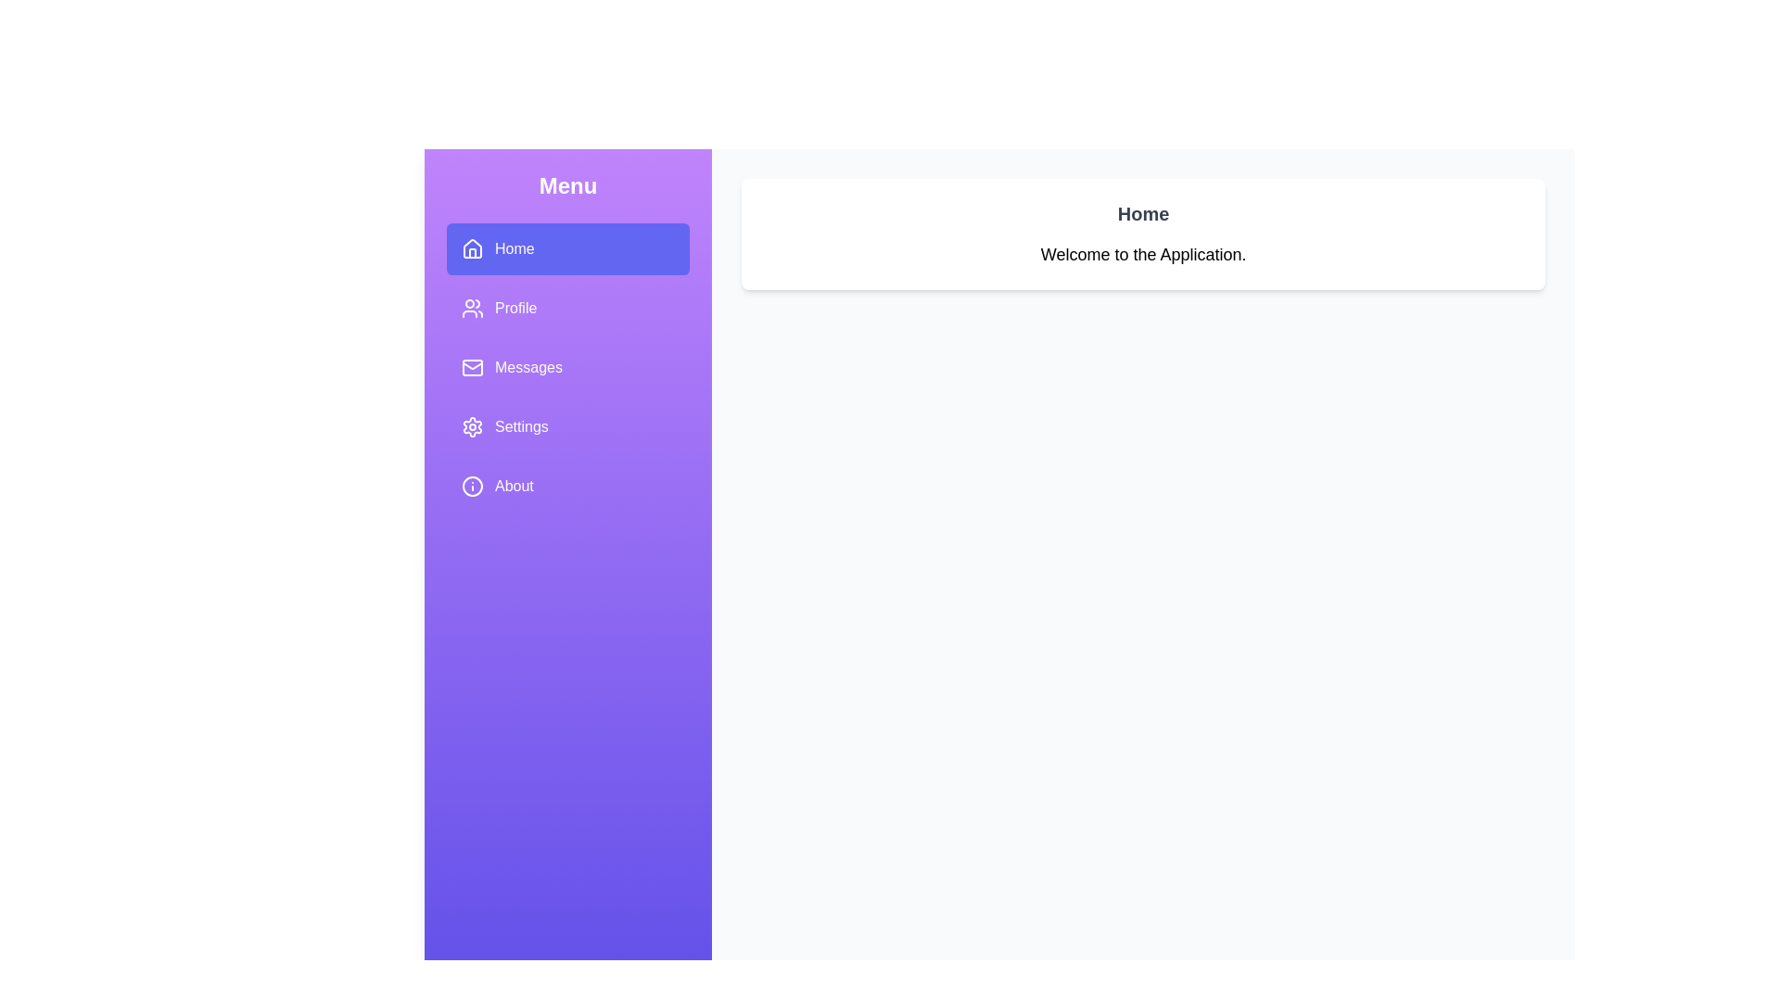 The image size is (1780, 1001). Describe the element at coordinates (1142, 254) in the screenshot. I see `the Static Text Label displaying 'Welcome to the Application.' which is positioned below the 'Home' label` at that location.